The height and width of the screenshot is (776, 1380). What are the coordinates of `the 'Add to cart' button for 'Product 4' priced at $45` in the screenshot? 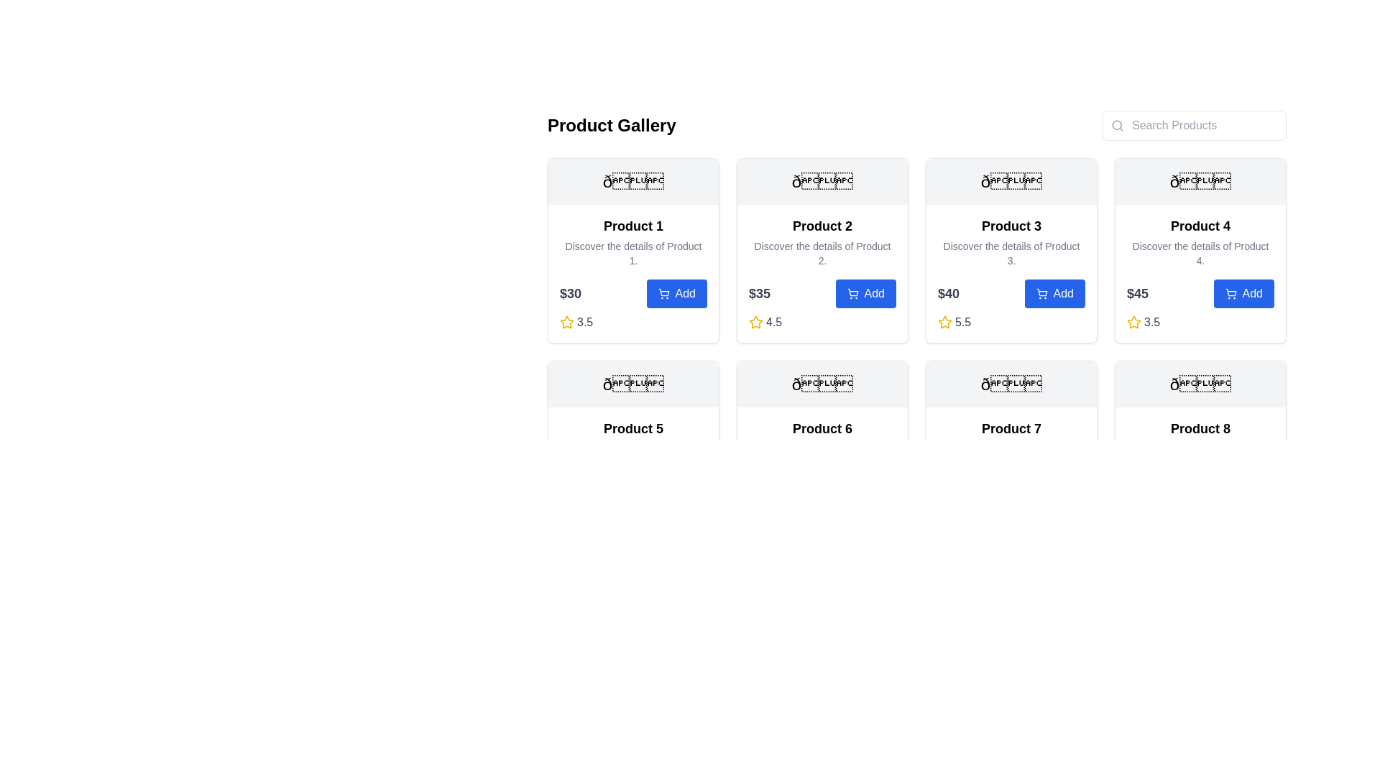 It's located at (1200, 292).